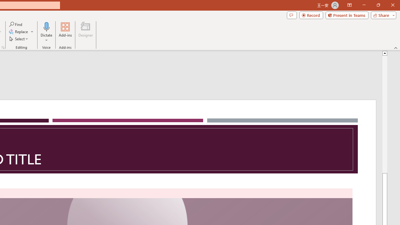 Image resolution: width=400 pixels, height=225 pixels. What do you see at coordinates (46, 32) in the screenshot?
I see `'Dictate'` at bounding box center [46, 32].